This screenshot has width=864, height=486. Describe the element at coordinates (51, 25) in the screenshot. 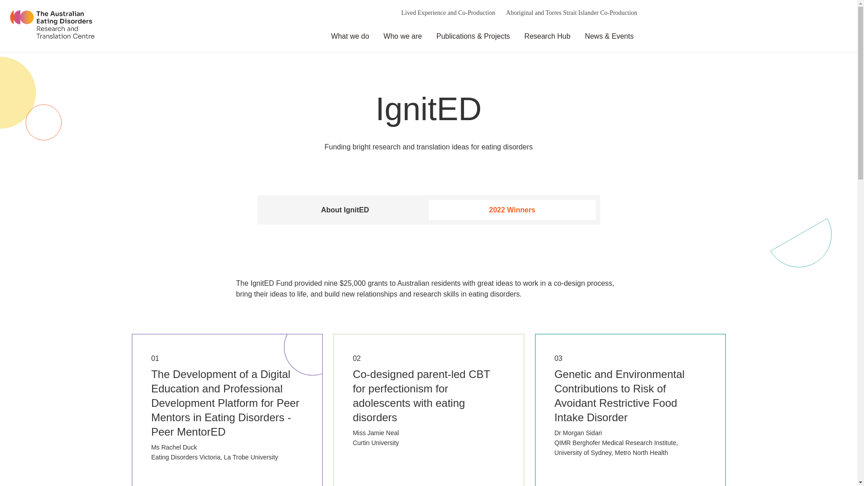

I see `'Logo'` at that location.